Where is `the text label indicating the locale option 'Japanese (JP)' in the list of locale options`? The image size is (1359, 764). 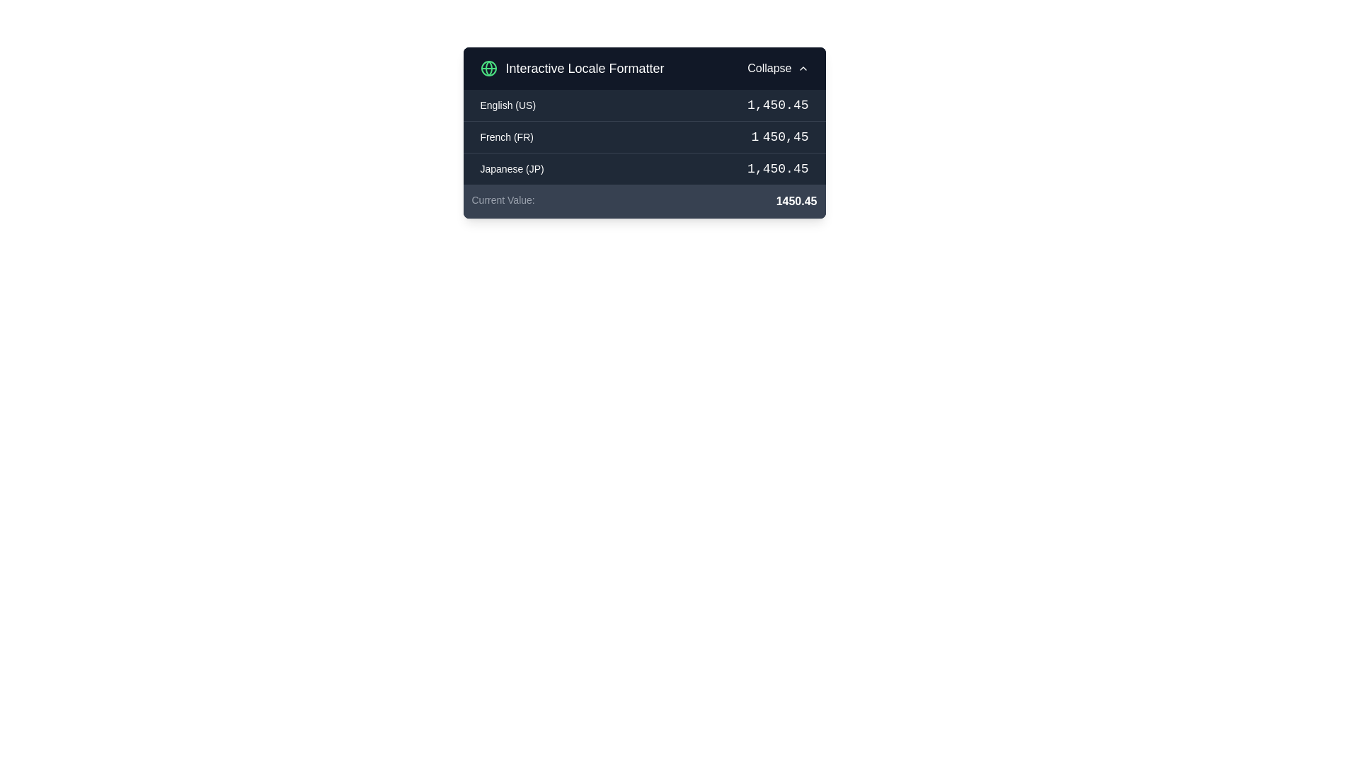 the text label indicating the locale option 'Japanese (JP)' in the list of locale options is located at coordinates (511, 168).